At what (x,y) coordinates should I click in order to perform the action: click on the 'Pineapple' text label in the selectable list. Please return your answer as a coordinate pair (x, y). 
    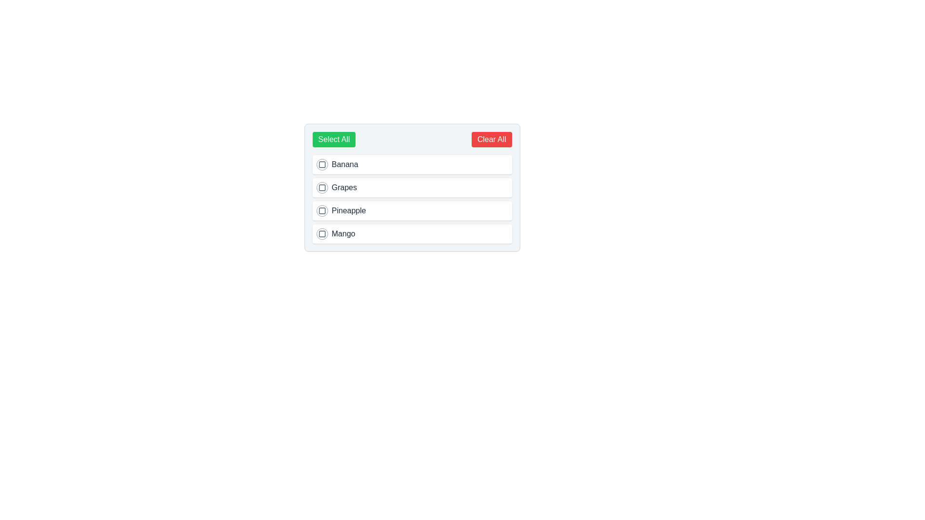
    Looking at the image, I should click on (348, 210).